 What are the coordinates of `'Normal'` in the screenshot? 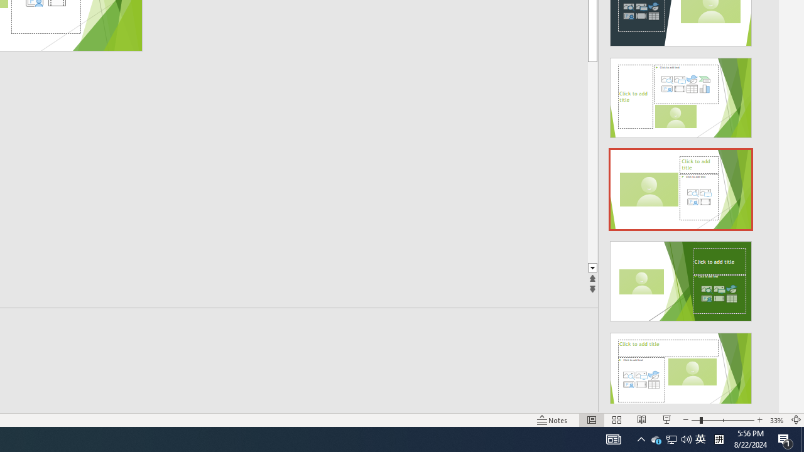 It's located at (591, 420).